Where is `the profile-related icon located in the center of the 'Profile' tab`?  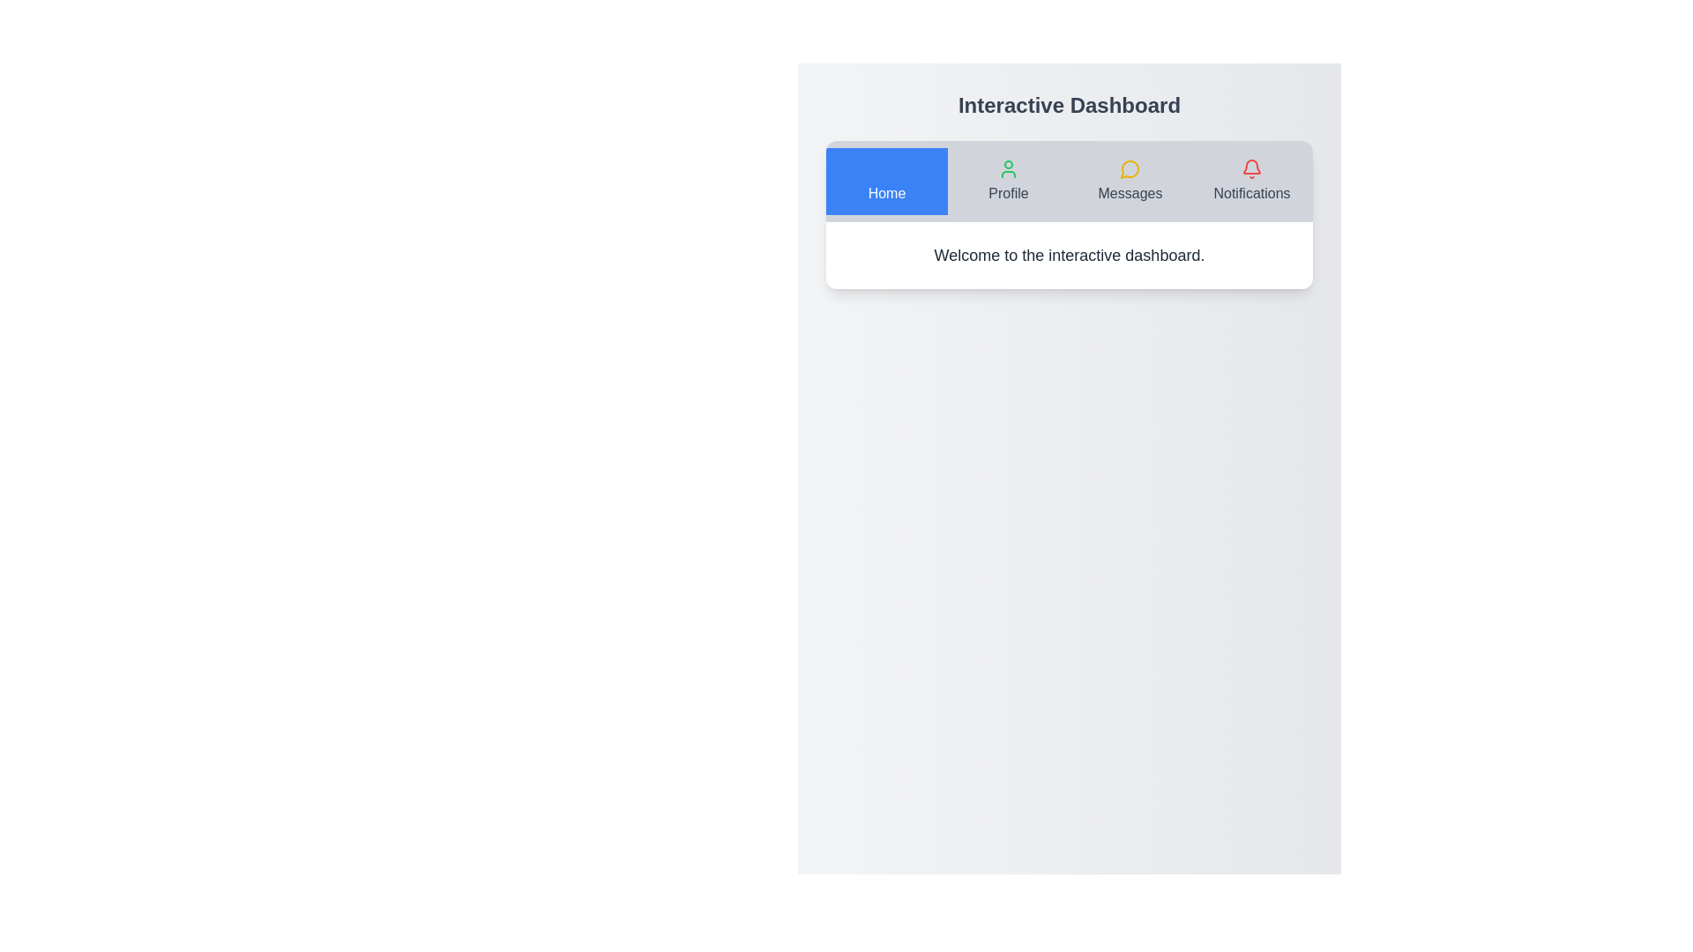
the profile-related icon located in the center of the 'Profile' tab is located at coordinates (1008, 169).